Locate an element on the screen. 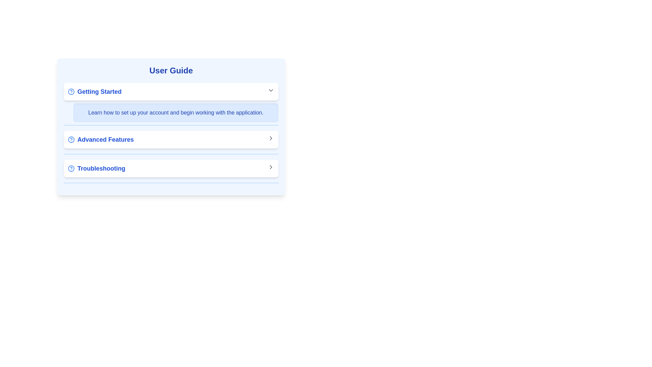 The width and height of the screenshot is (652, 367). bold text label that says 'Advanced Features', which is styled in blue and located in the second section of the user guide interface is located at coordinates (105, 139).